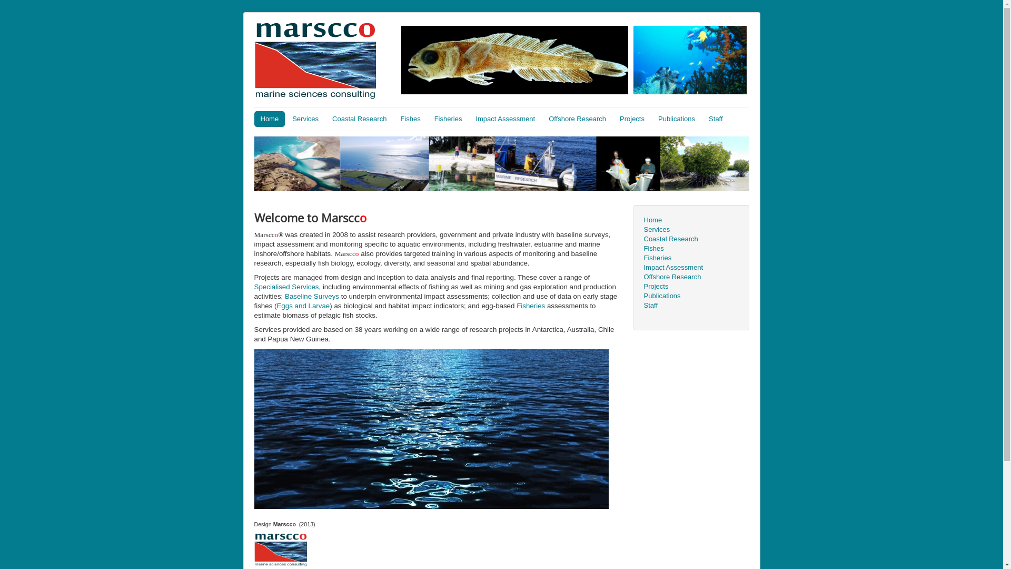  What do you see at coordinates (690, 239) in the screenshot?
I see `'Coastal Research'` at bounding box center [690, 239].